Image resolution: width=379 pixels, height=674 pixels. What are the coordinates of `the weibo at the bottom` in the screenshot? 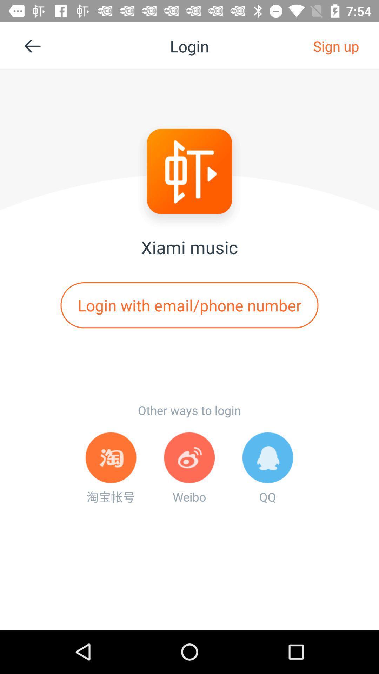 It's located at (189, 468).